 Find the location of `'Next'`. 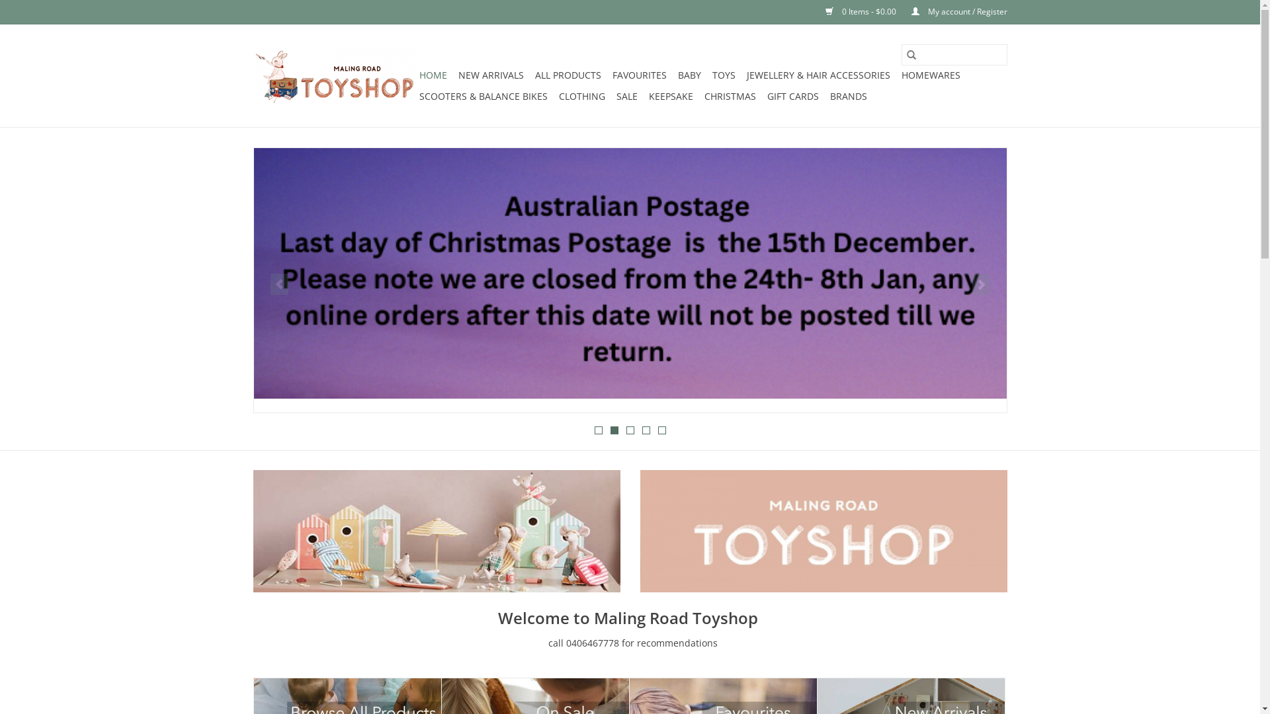

'Next' is located at coordinates (981, 283).